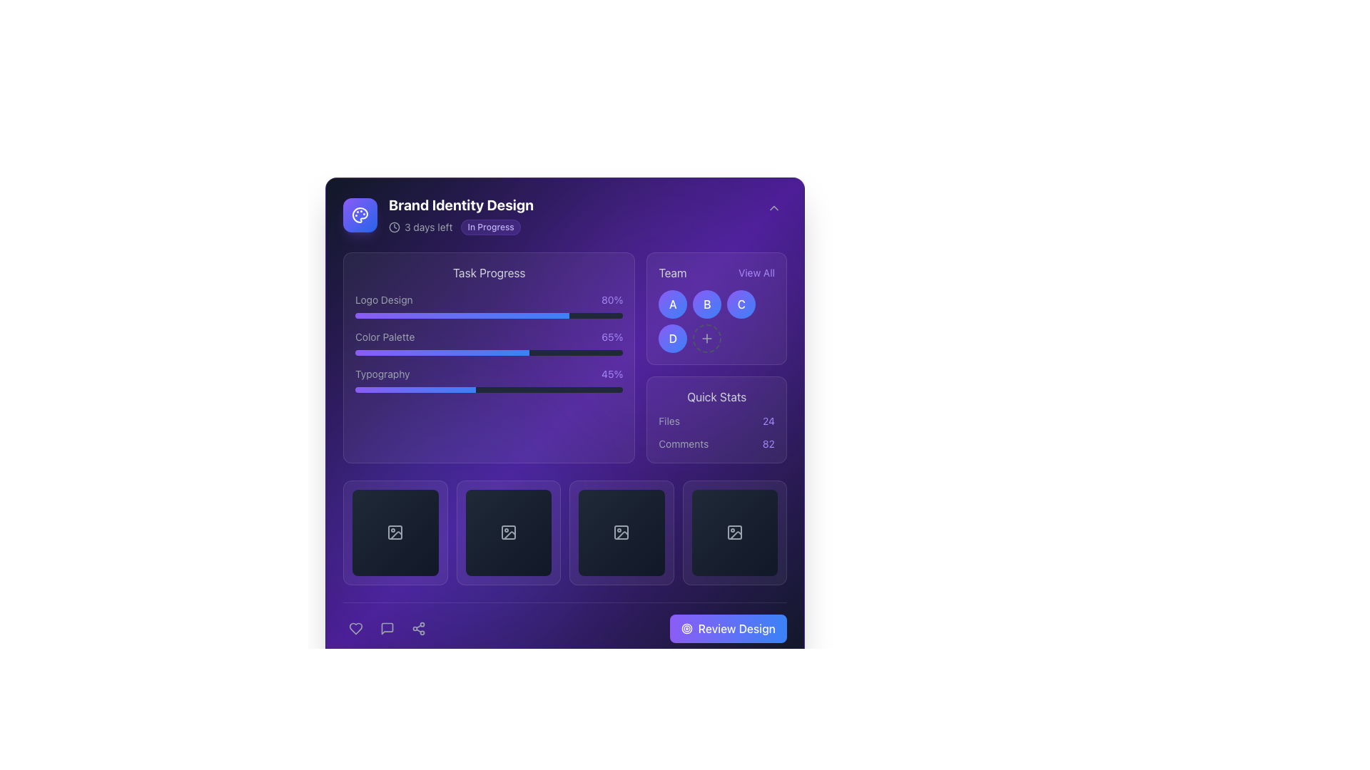  What do you see at coordinates (489, 356) in the screenshot?
I see `the Progress Overview Widget to interact with external links or details` at bounding box center [489, 356].